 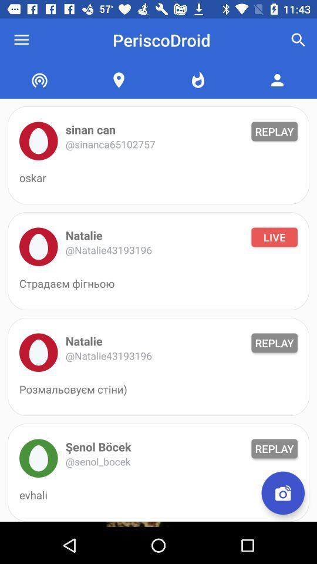 I want to click on user icon, so click(x=38, y=458).